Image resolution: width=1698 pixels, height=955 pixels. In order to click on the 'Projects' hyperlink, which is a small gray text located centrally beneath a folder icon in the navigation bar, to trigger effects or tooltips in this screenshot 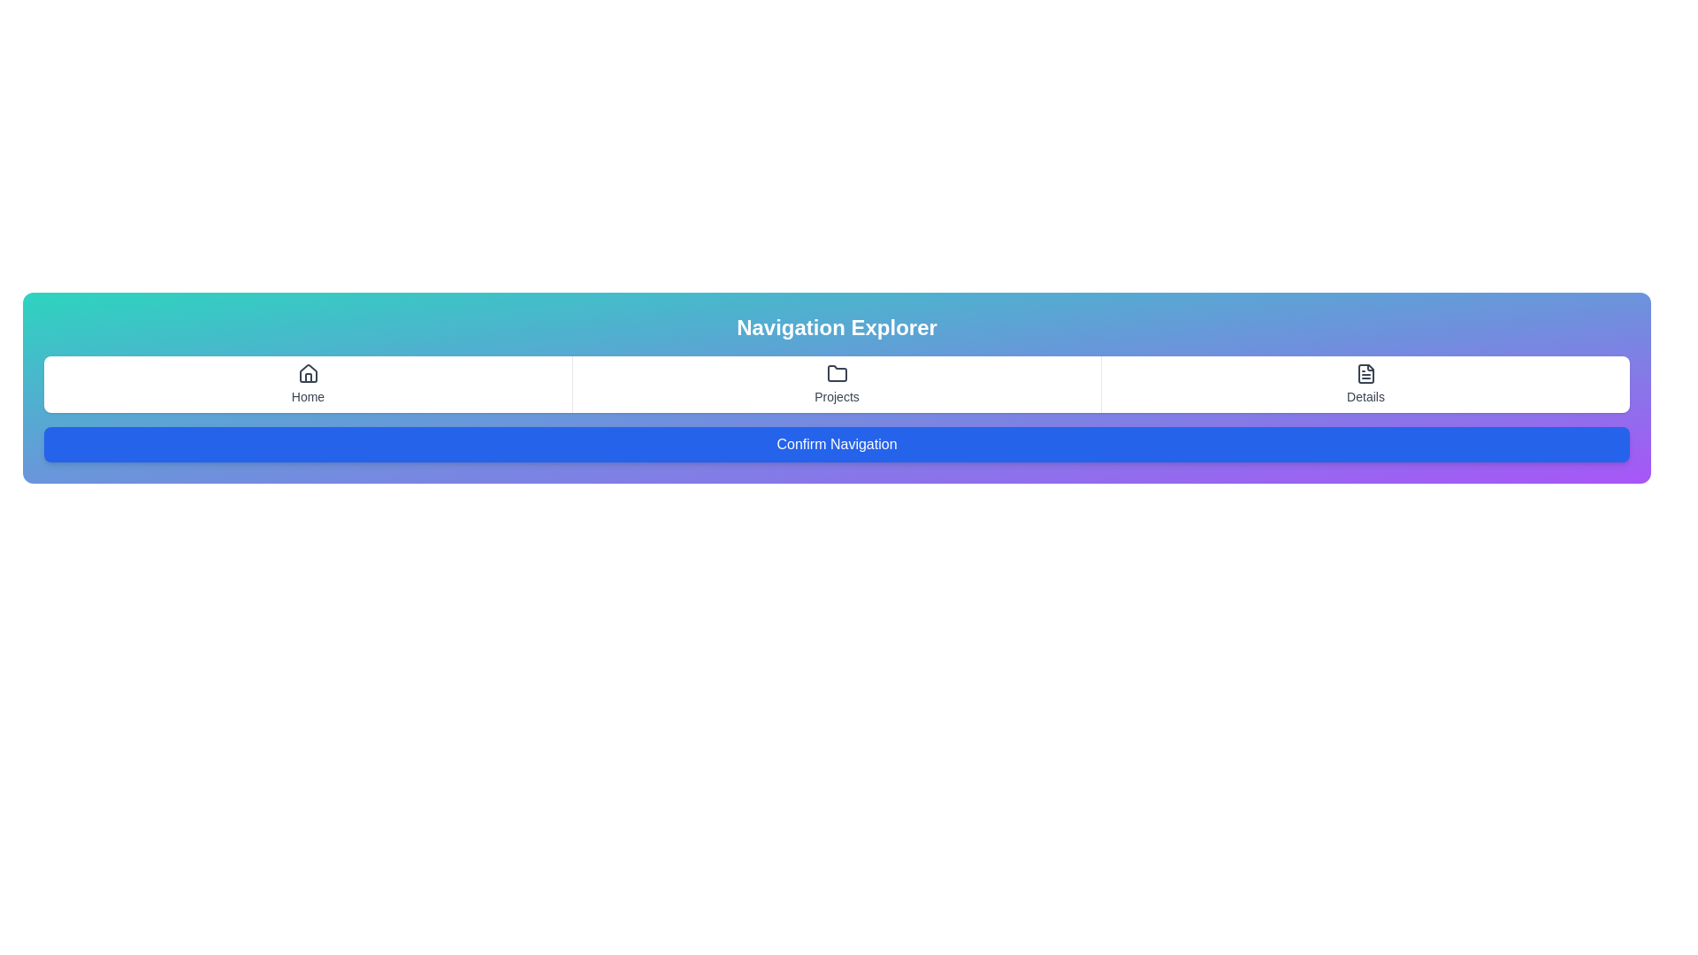, I will do `click(836, 395)`.